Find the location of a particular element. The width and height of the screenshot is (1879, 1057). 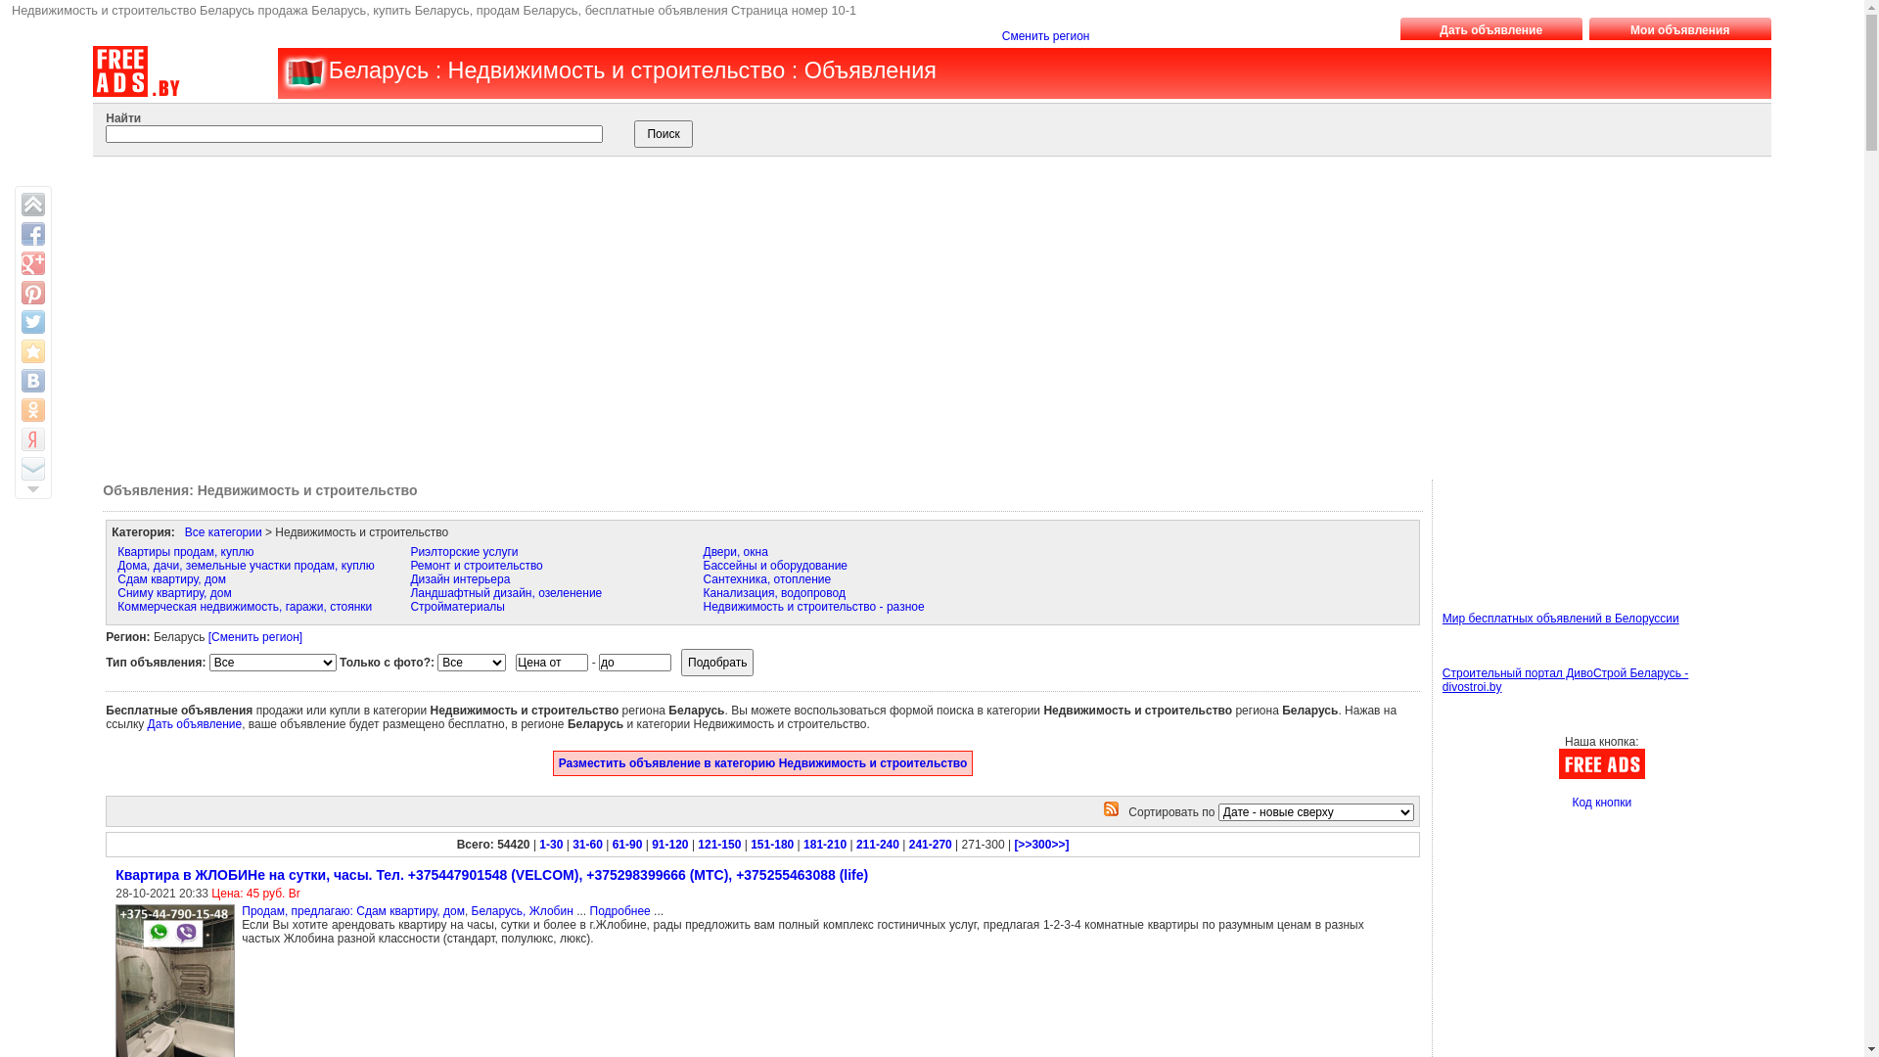

'Back on top' is located at coordinates (32, 204).